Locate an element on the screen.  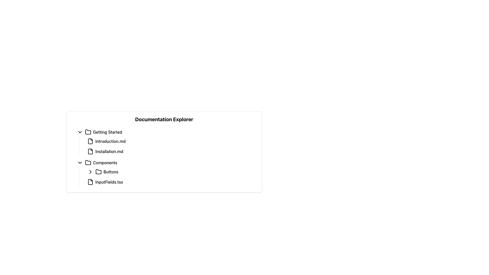
the folder icon, which is an outlined, minimalistic graphic with rounded corners, positioned to the left of the text 'Getting Started' is located at coordinates (88, 132).